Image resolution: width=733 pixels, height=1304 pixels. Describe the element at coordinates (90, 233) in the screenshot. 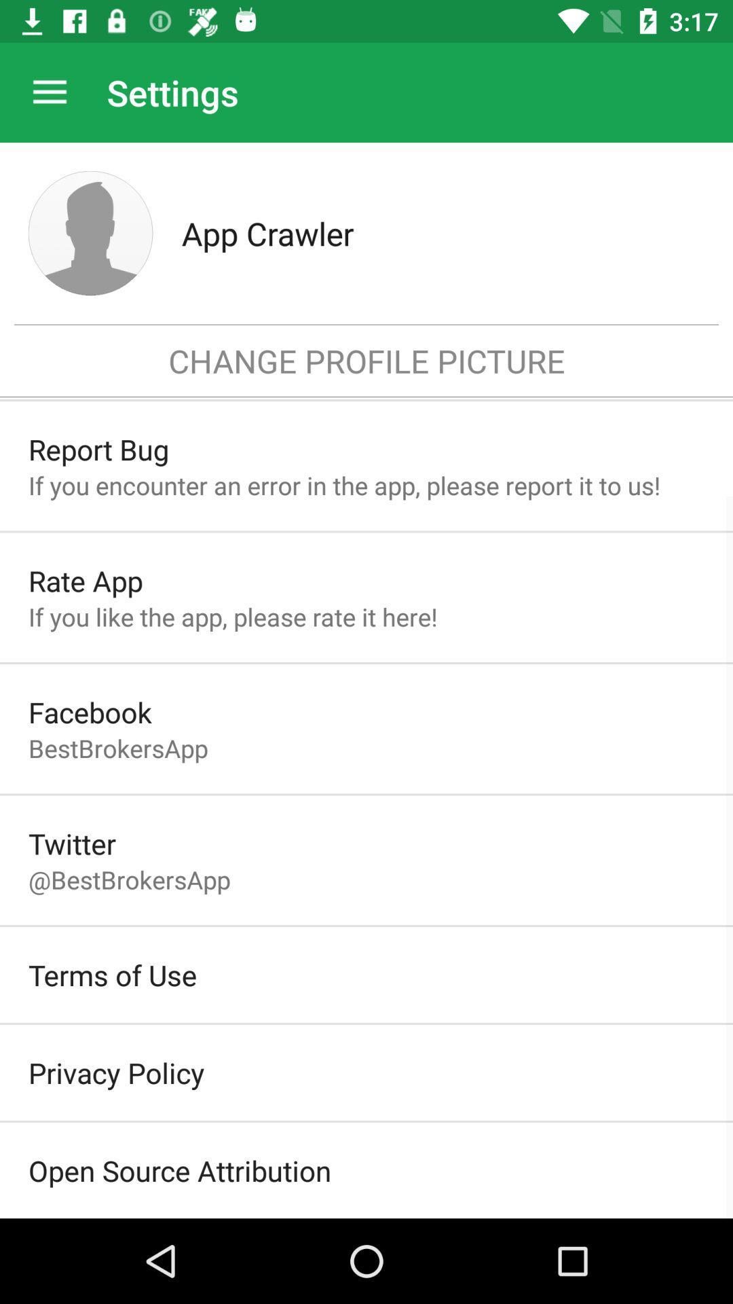

I see `change profile picture one of two buttons` at that location.